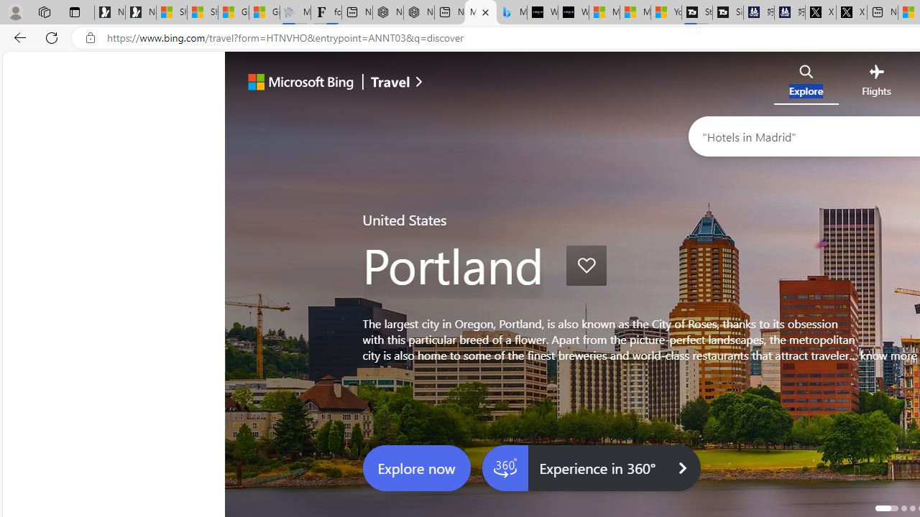  I want to click on 'Refresh', so click(52, 37).